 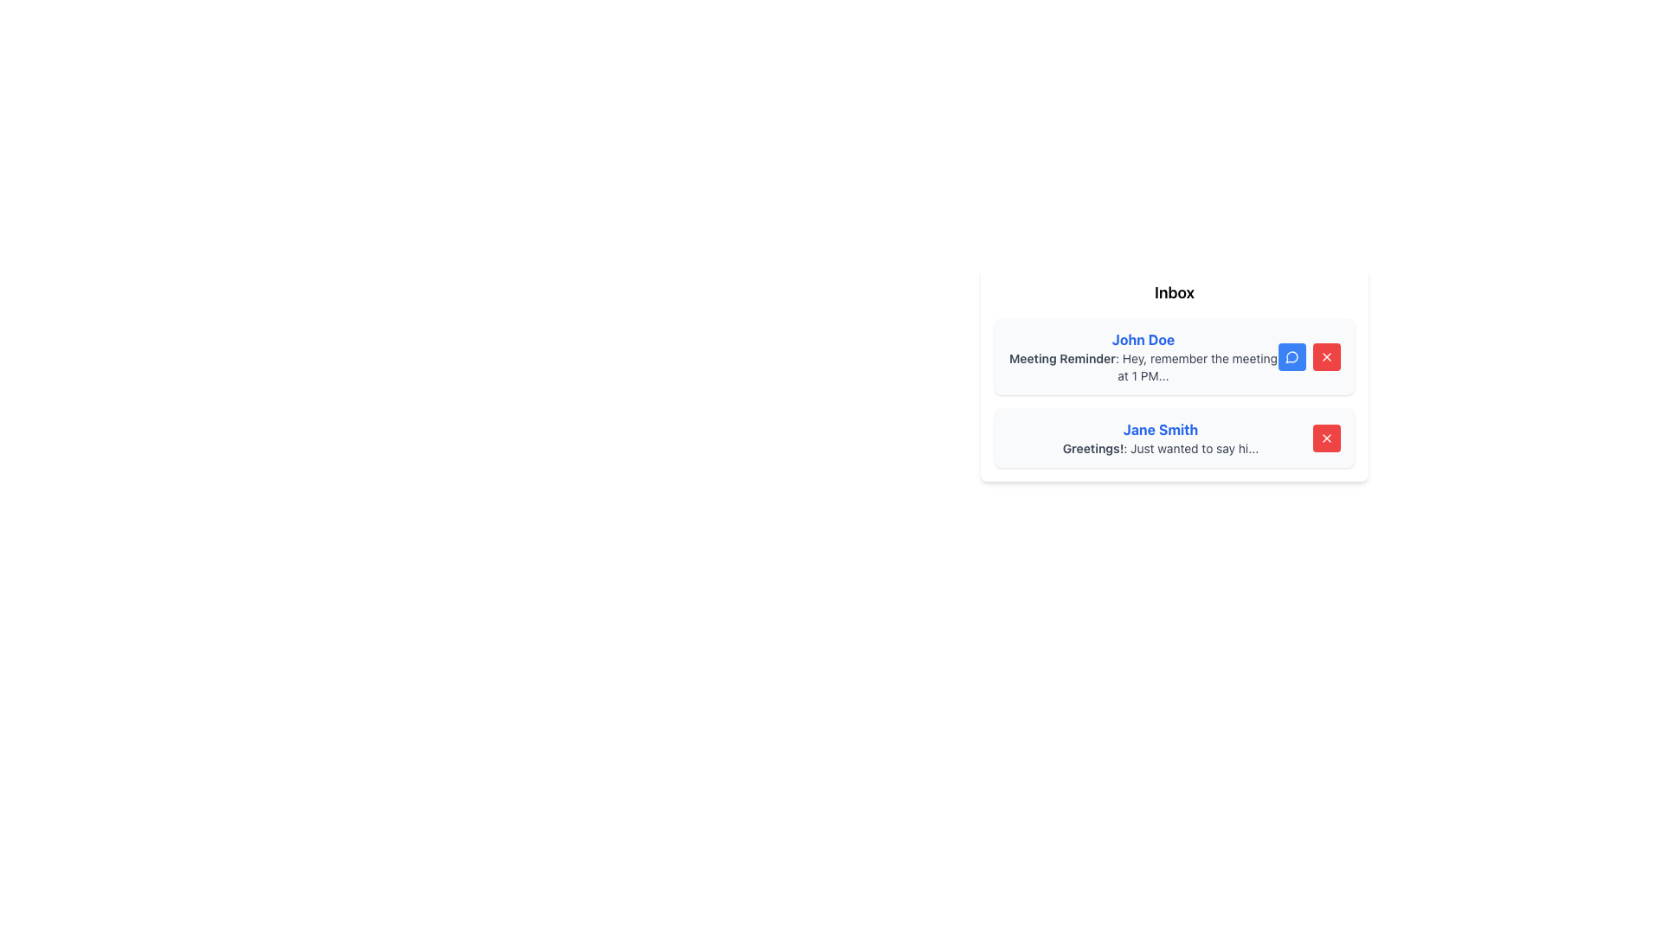 I want to click on the text block displaying a preview of a message from a sender in the top section of the inbox list, so click(x=1143, y=355).